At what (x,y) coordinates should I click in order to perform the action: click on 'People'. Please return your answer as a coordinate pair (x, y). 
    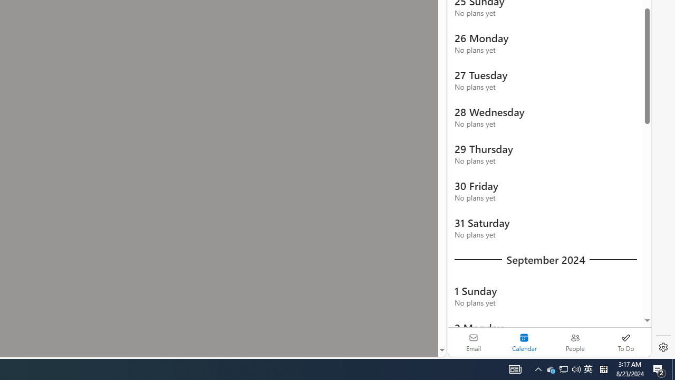
    Looking at the image, I should click on (574, 342).